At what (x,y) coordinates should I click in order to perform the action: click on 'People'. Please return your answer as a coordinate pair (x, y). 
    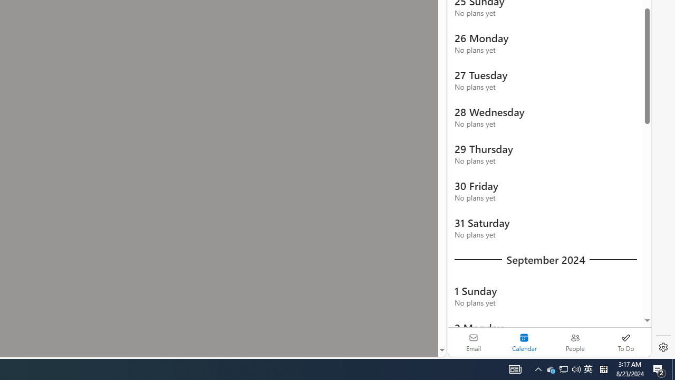
    Looking at the image, I should click on (574, 342).